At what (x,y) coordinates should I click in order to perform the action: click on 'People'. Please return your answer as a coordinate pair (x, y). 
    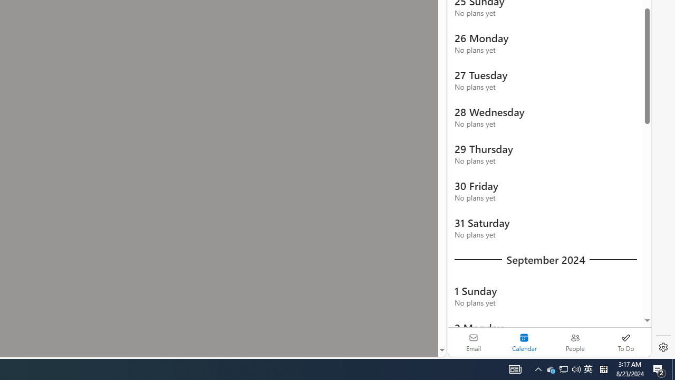
    Looking at the image, I should click on (574, 342).